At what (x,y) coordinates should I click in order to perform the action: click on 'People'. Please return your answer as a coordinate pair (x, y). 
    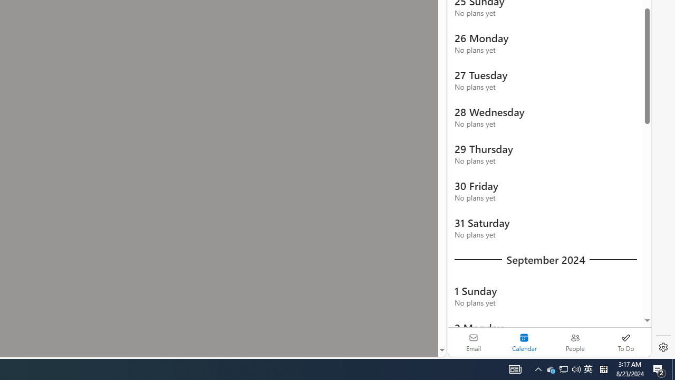
    Looking at the image, I should click on (574, 342).